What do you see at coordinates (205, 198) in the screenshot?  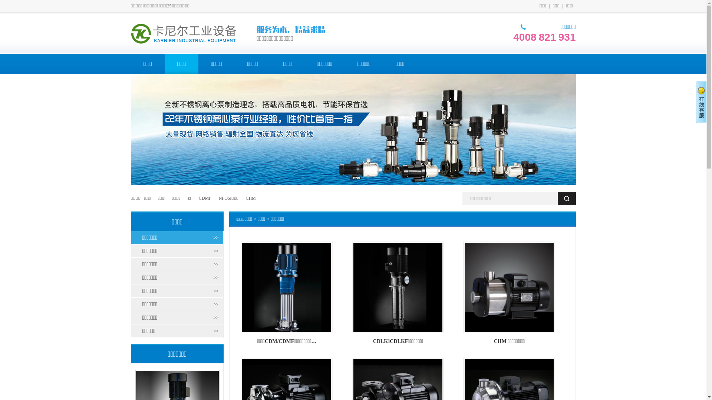 I see `'CDMF'` at bounding box center [205, 198].